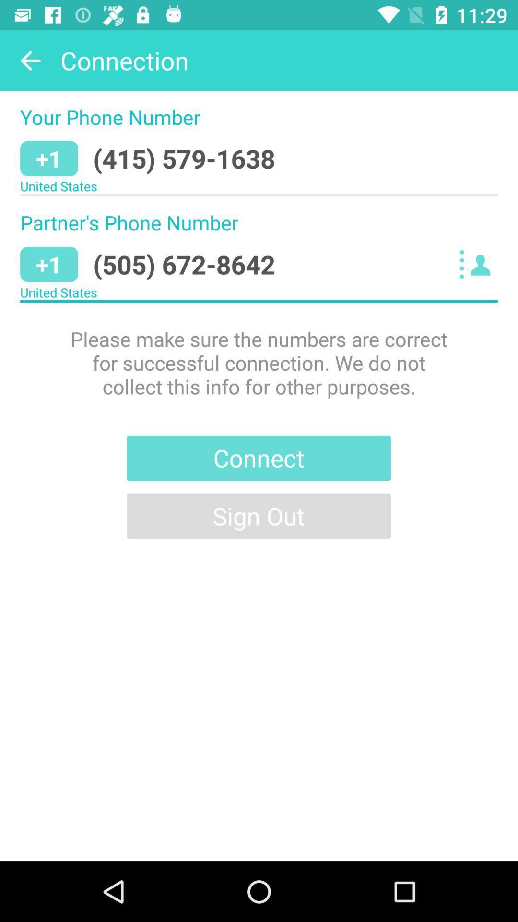 The height and width of the screenshot is (922, 518). Describe the element at coordinates (184, 158) in the screenshot. I see `icon above united states icon` at that location.